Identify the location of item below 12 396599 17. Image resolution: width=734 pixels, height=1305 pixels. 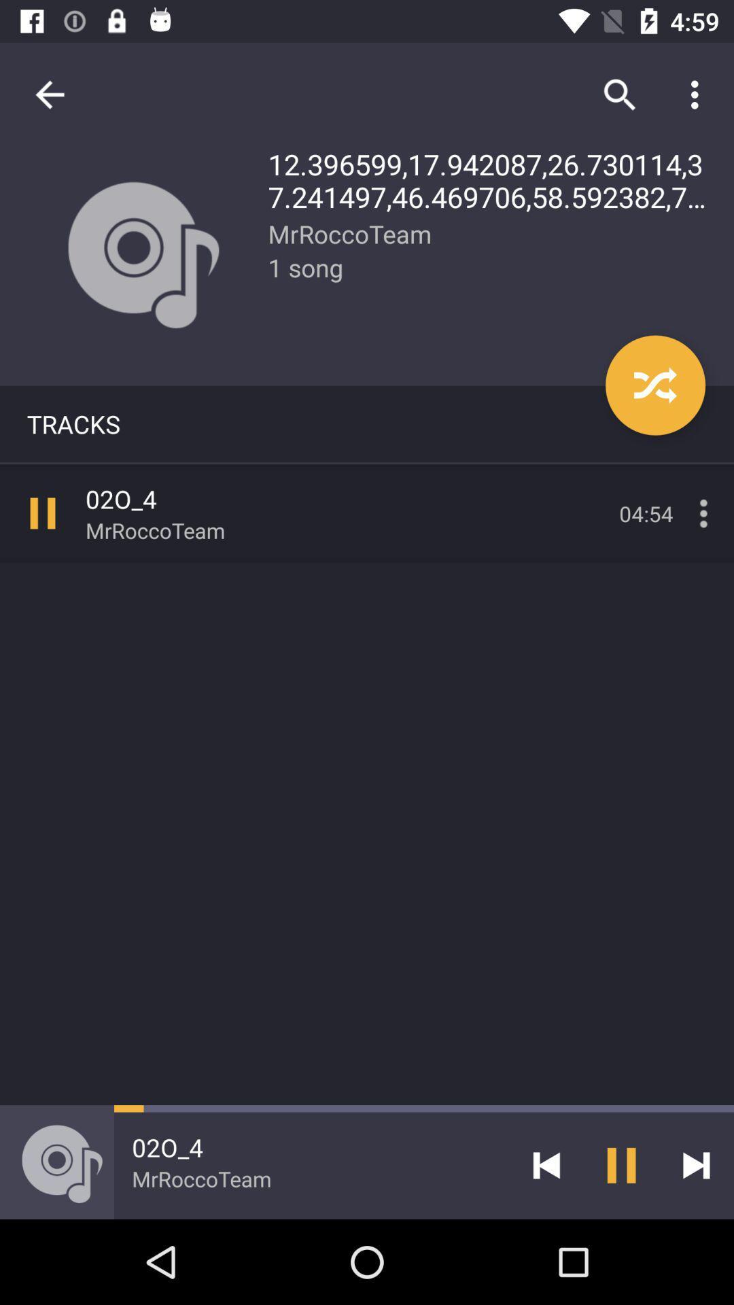
(654, 384).